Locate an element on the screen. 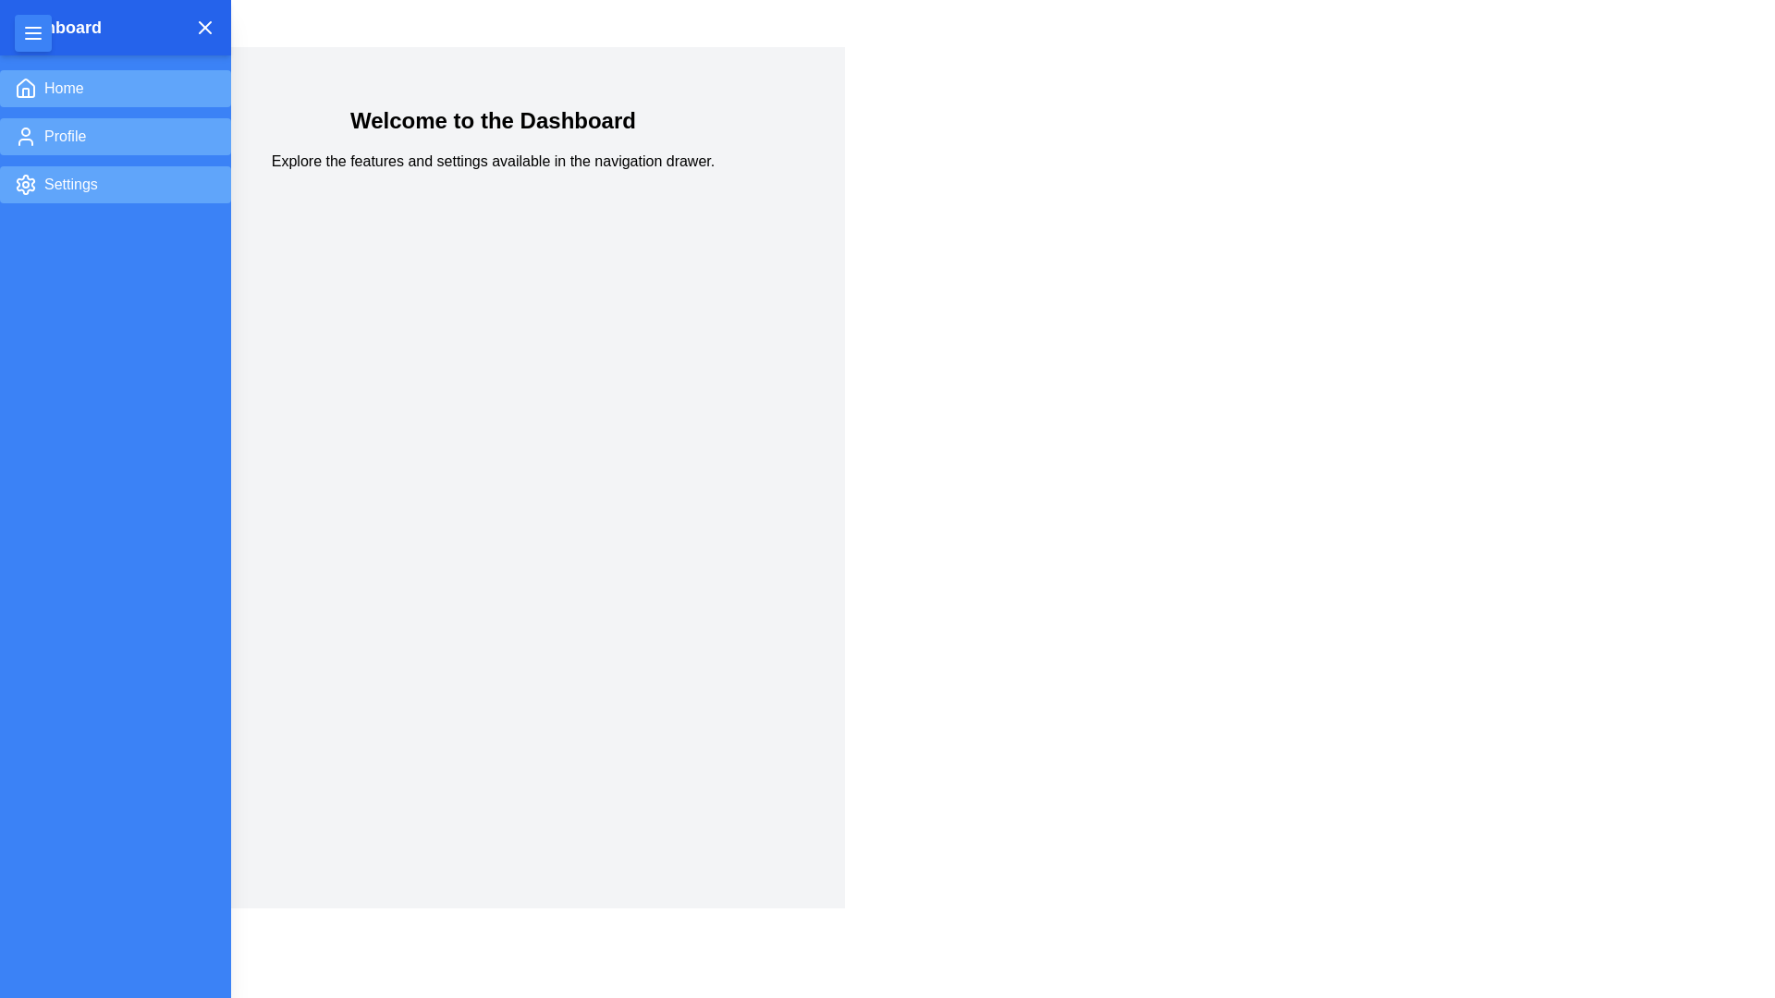 The width and height of the screenshot is (1775, 998). the small cross-shaped icon in the top-right corner of the blue navigation bar is located at coordinates (204, 28).